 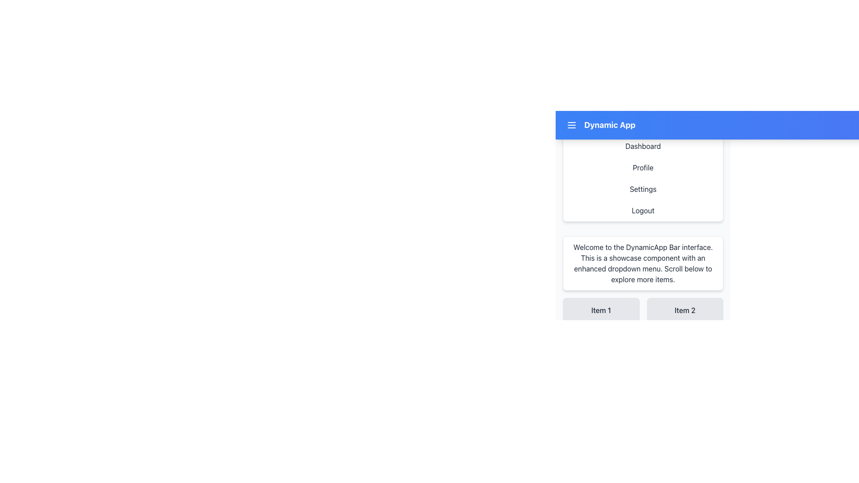 I want to click on the standard UI block component labeled 'Item 1', which features a light gray background, rounded corners, and centered black text, so click(x=601, y=310).